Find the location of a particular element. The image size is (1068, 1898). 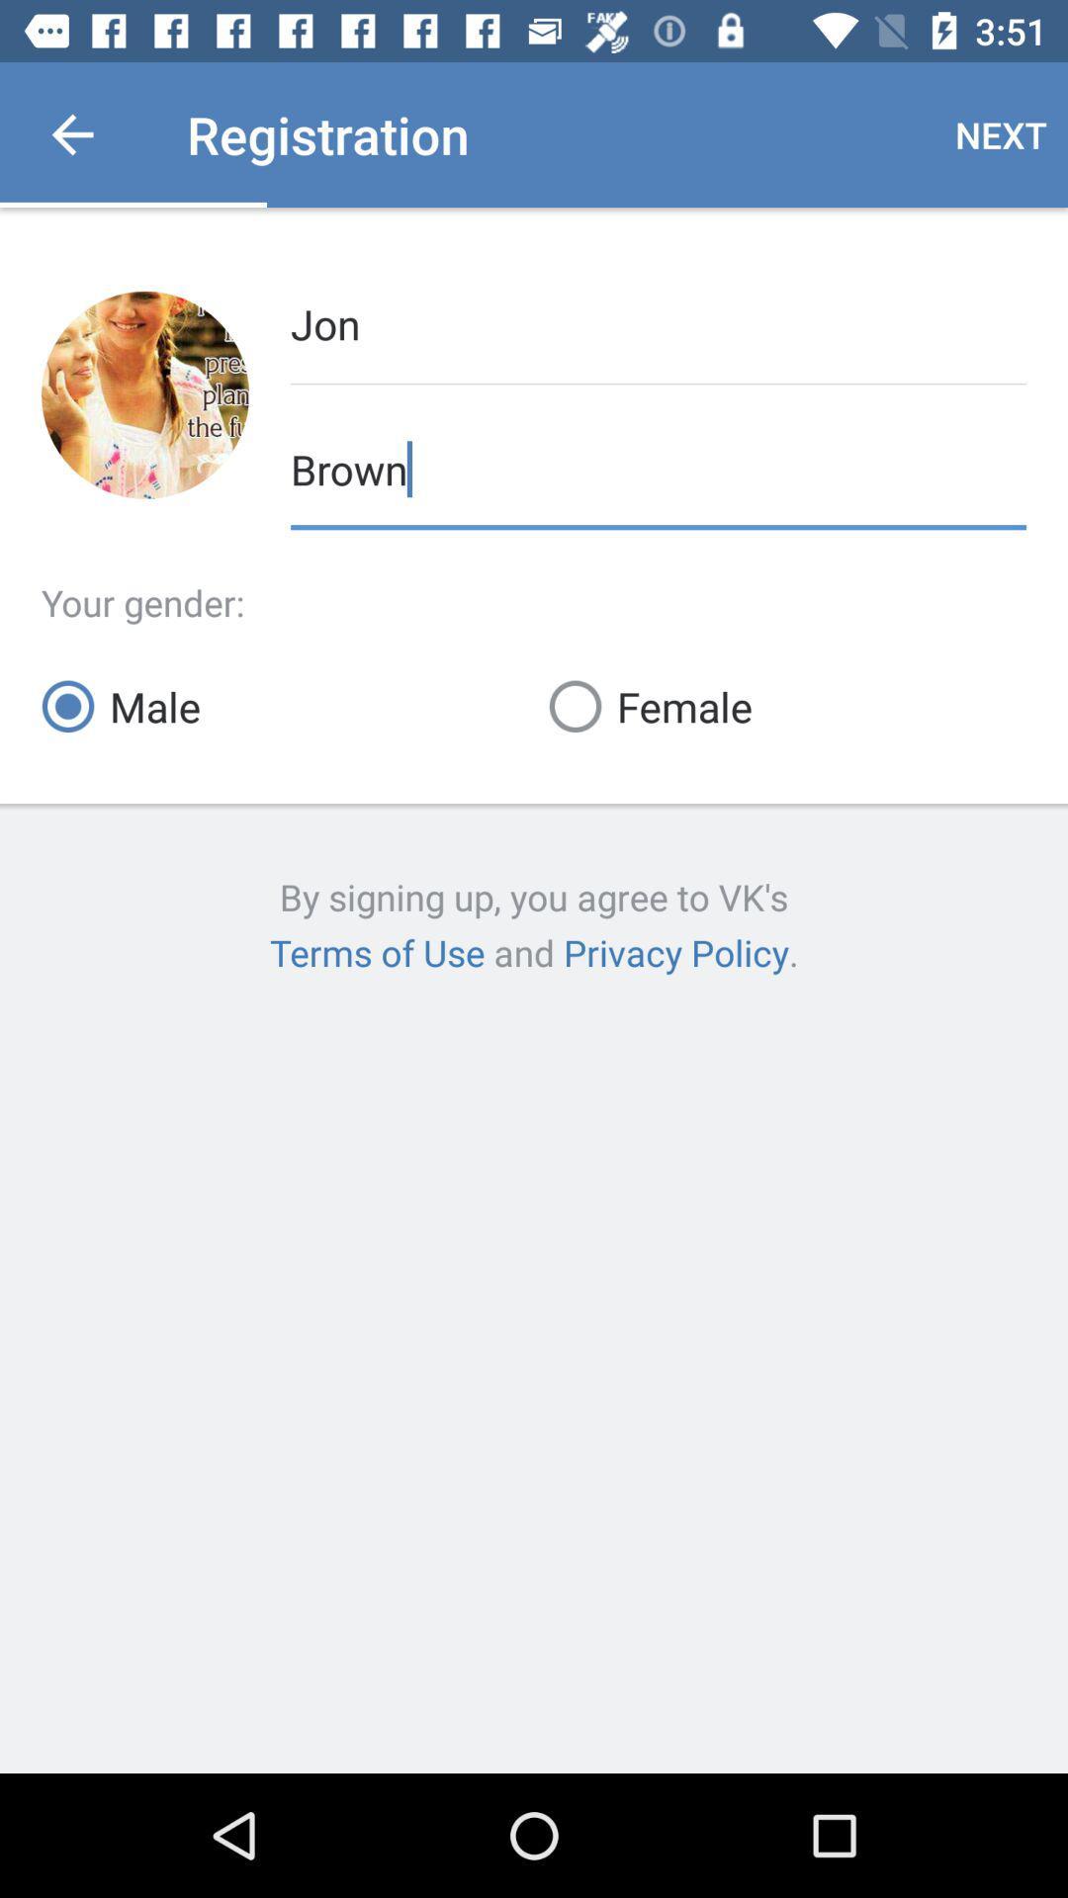

next at the top right corner is located at coordinates (1001, 133).